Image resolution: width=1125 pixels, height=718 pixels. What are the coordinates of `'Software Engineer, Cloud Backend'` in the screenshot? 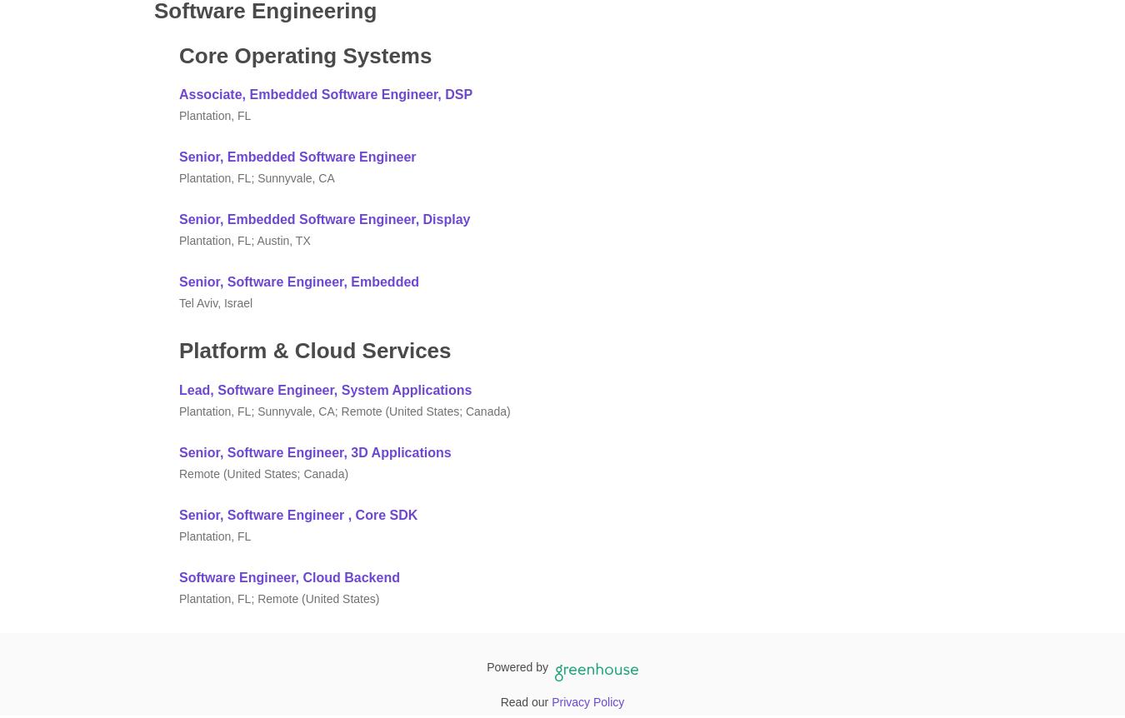 It's located at (179, 576).